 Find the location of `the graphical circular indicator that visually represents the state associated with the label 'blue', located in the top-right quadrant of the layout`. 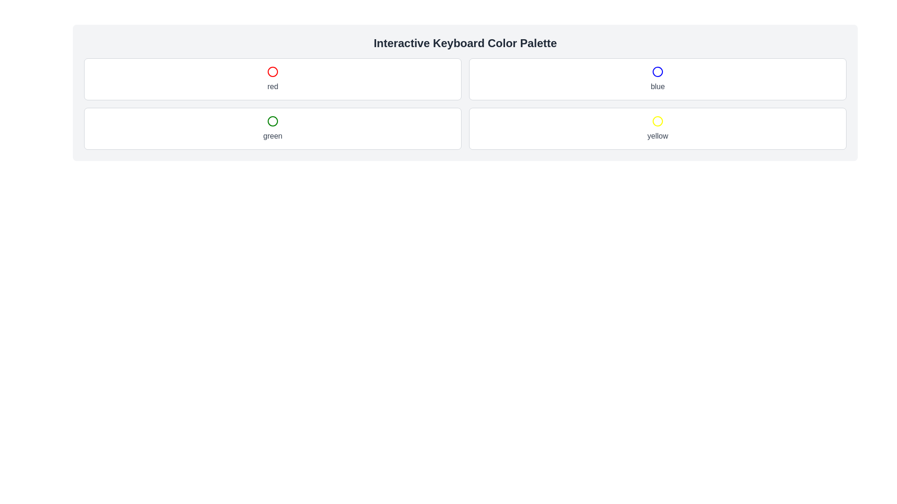

the graphical circular indicator that visually represents the state associated with the label 'blue', located in the top-right quadrant of the layout is located at coordinates (657, 71).